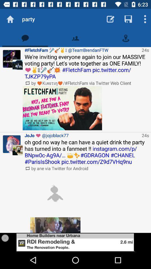  Describe the element at coordinates (55, 193) in the screenshot. I see `the icon below the by ane via item` at that location.